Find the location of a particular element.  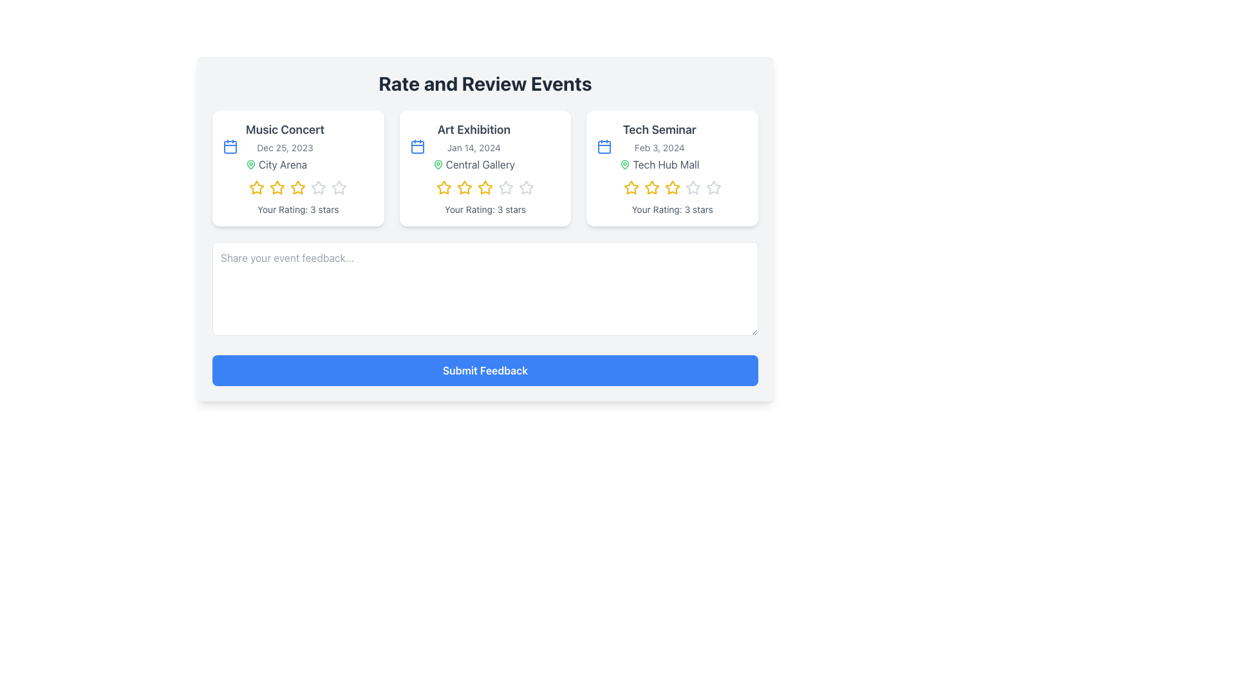

the 'Art Exhibition' text element, which is styled in bold and larger font, located at the top section of the second card in a three-card layout is located at coordinates (473, 129).